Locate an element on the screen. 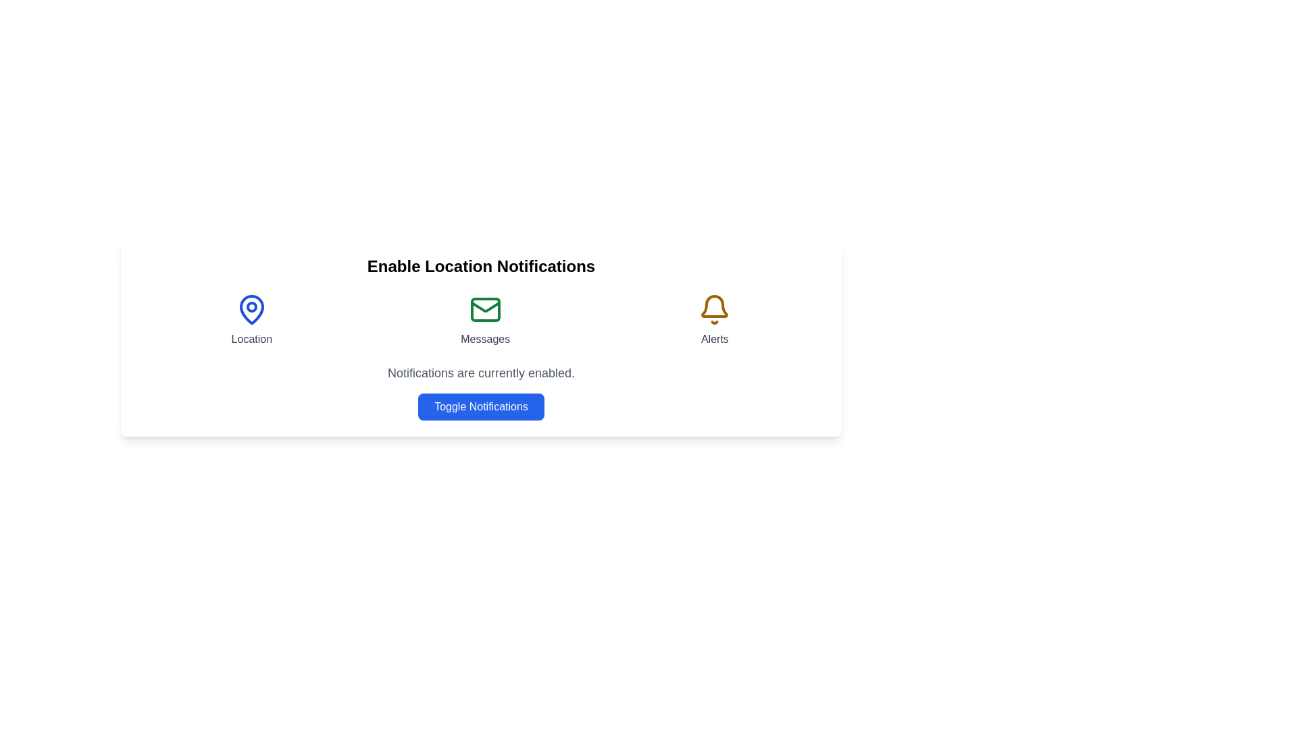 The width and height of the screenshot is (1297, 729). the 'Location' icon with a blue location pin is located at coordinates (251, 320).